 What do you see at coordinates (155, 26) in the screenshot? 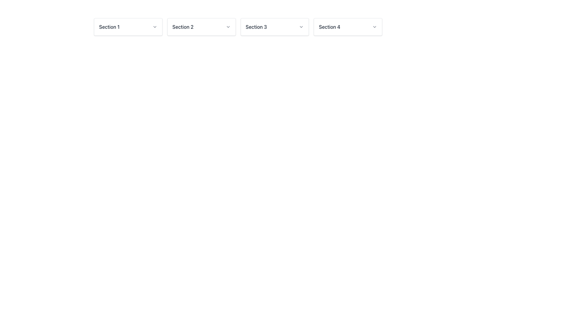
I see `the chevron icon indicating dropdown functionality for 'Section 1', positioned to the right of its label` at bounding box center [155, 26].